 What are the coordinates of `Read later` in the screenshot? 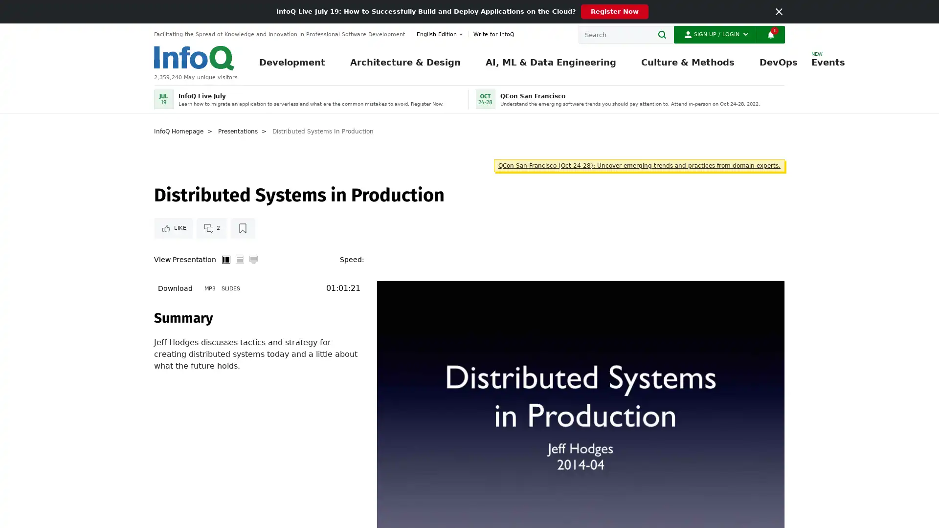 It's located at (242, 238).